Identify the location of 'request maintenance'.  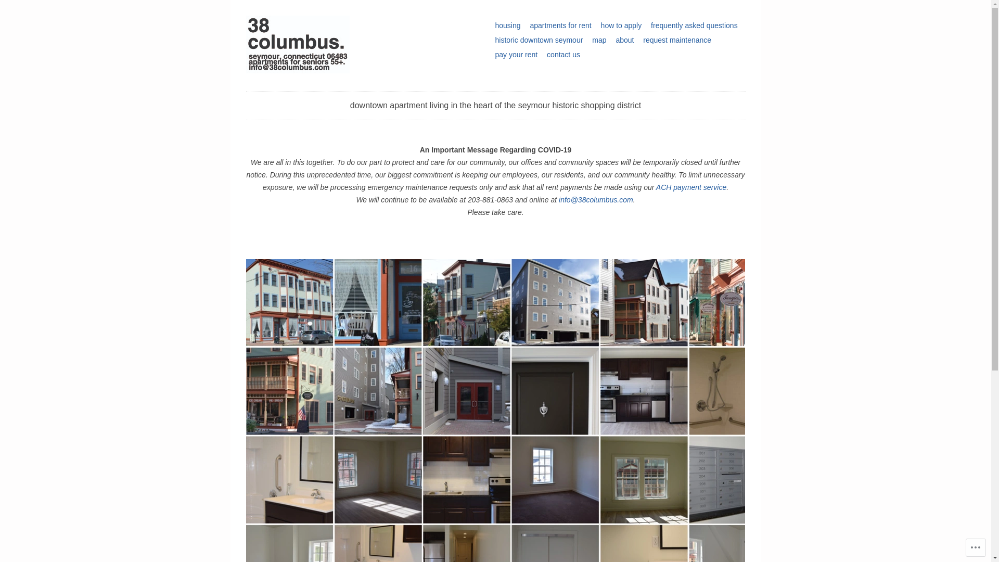
(638, 40).